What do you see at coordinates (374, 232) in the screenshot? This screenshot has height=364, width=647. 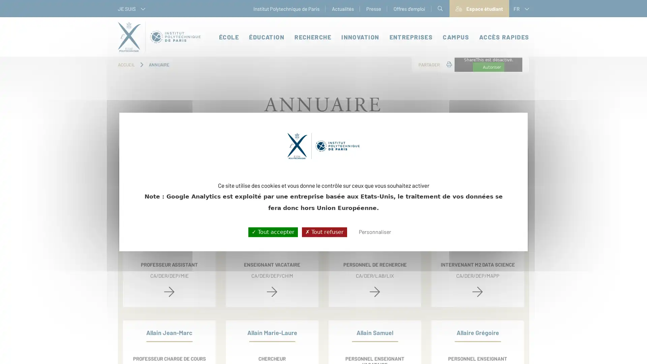 I see `Personnaliser (fenetre modale)` at bounding box center [374, 232].